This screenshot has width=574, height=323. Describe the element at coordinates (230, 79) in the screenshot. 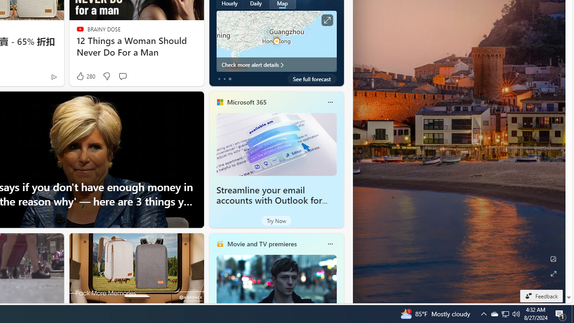

I see `'tab-2'` at that location.